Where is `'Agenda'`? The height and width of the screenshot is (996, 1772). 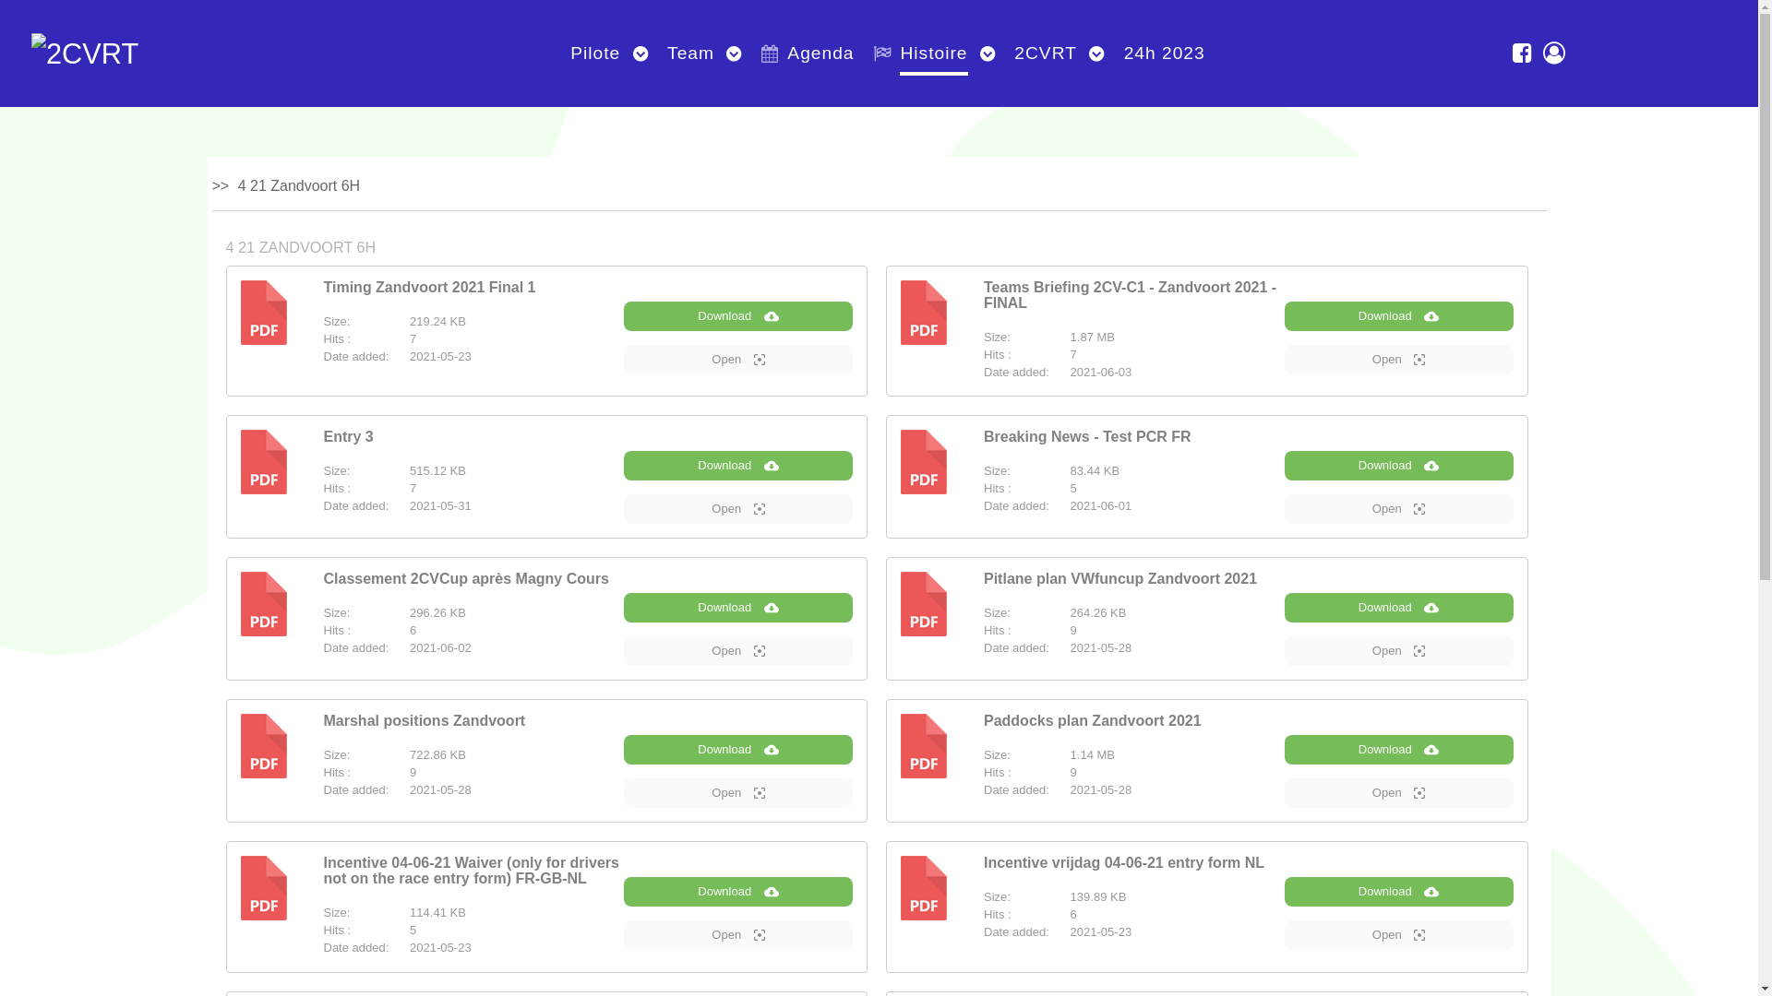
'Agenda' is located at coordinates (753, 53).